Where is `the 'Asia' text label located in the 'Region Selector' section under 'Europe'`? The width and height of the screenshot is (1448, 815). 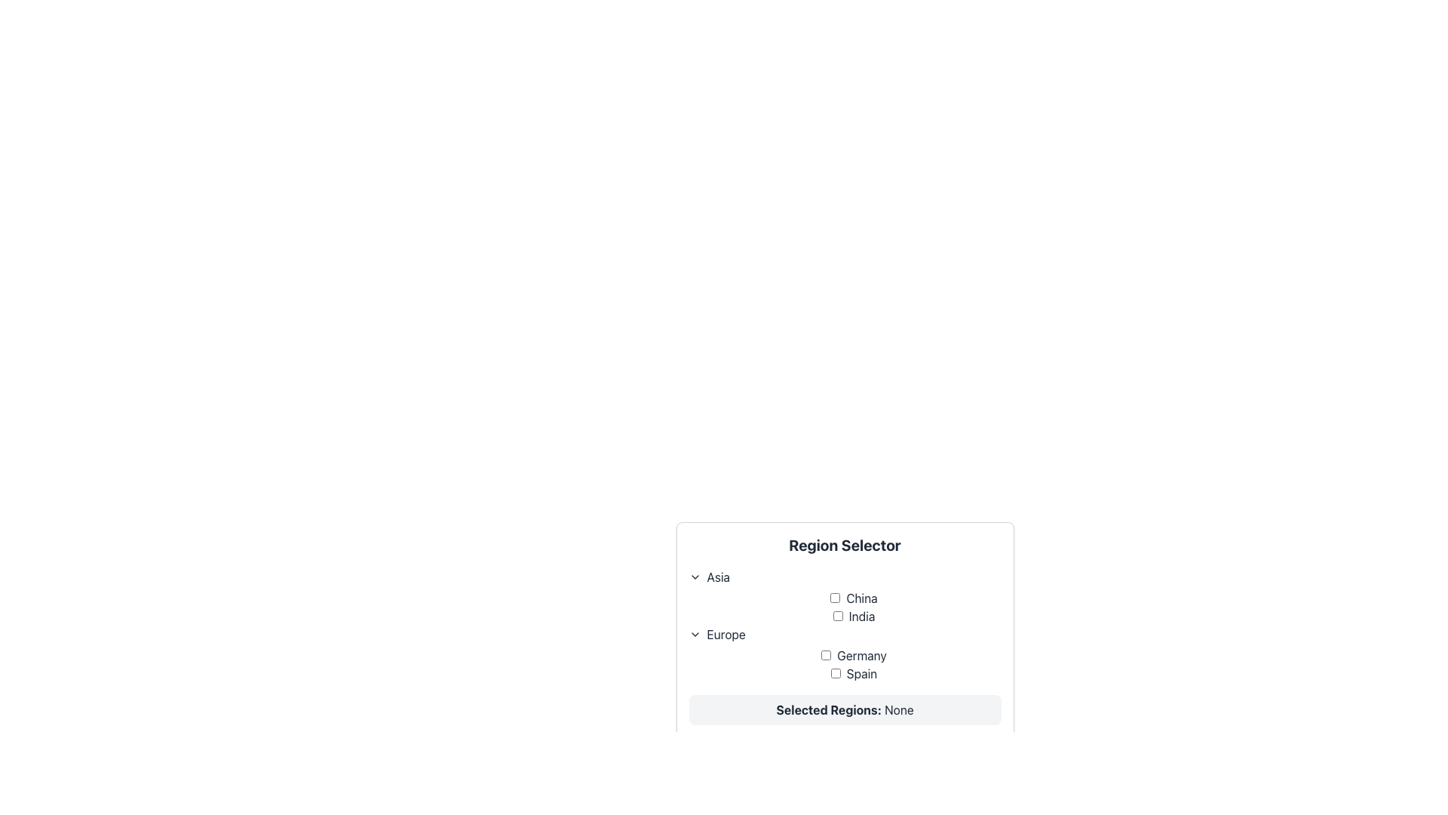
the 'Asia' text label located in the 'Region Selector' section under 'Europe' is located at coordinates (717, 577).